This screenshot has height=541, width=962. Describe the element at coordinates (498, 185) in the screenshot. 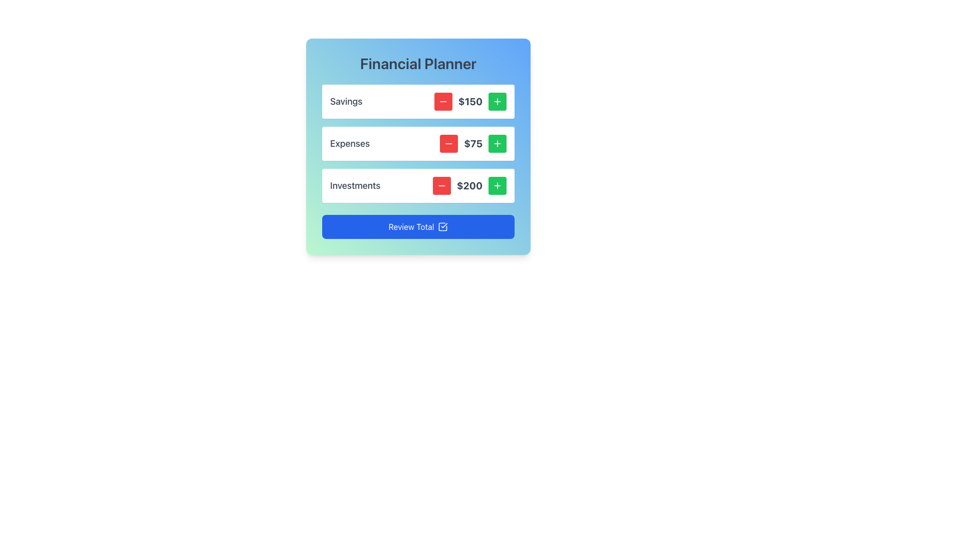

I see `the increment icon within the green button located at the rightmost position of the 'Investments' row to increase the investment value` at that location.